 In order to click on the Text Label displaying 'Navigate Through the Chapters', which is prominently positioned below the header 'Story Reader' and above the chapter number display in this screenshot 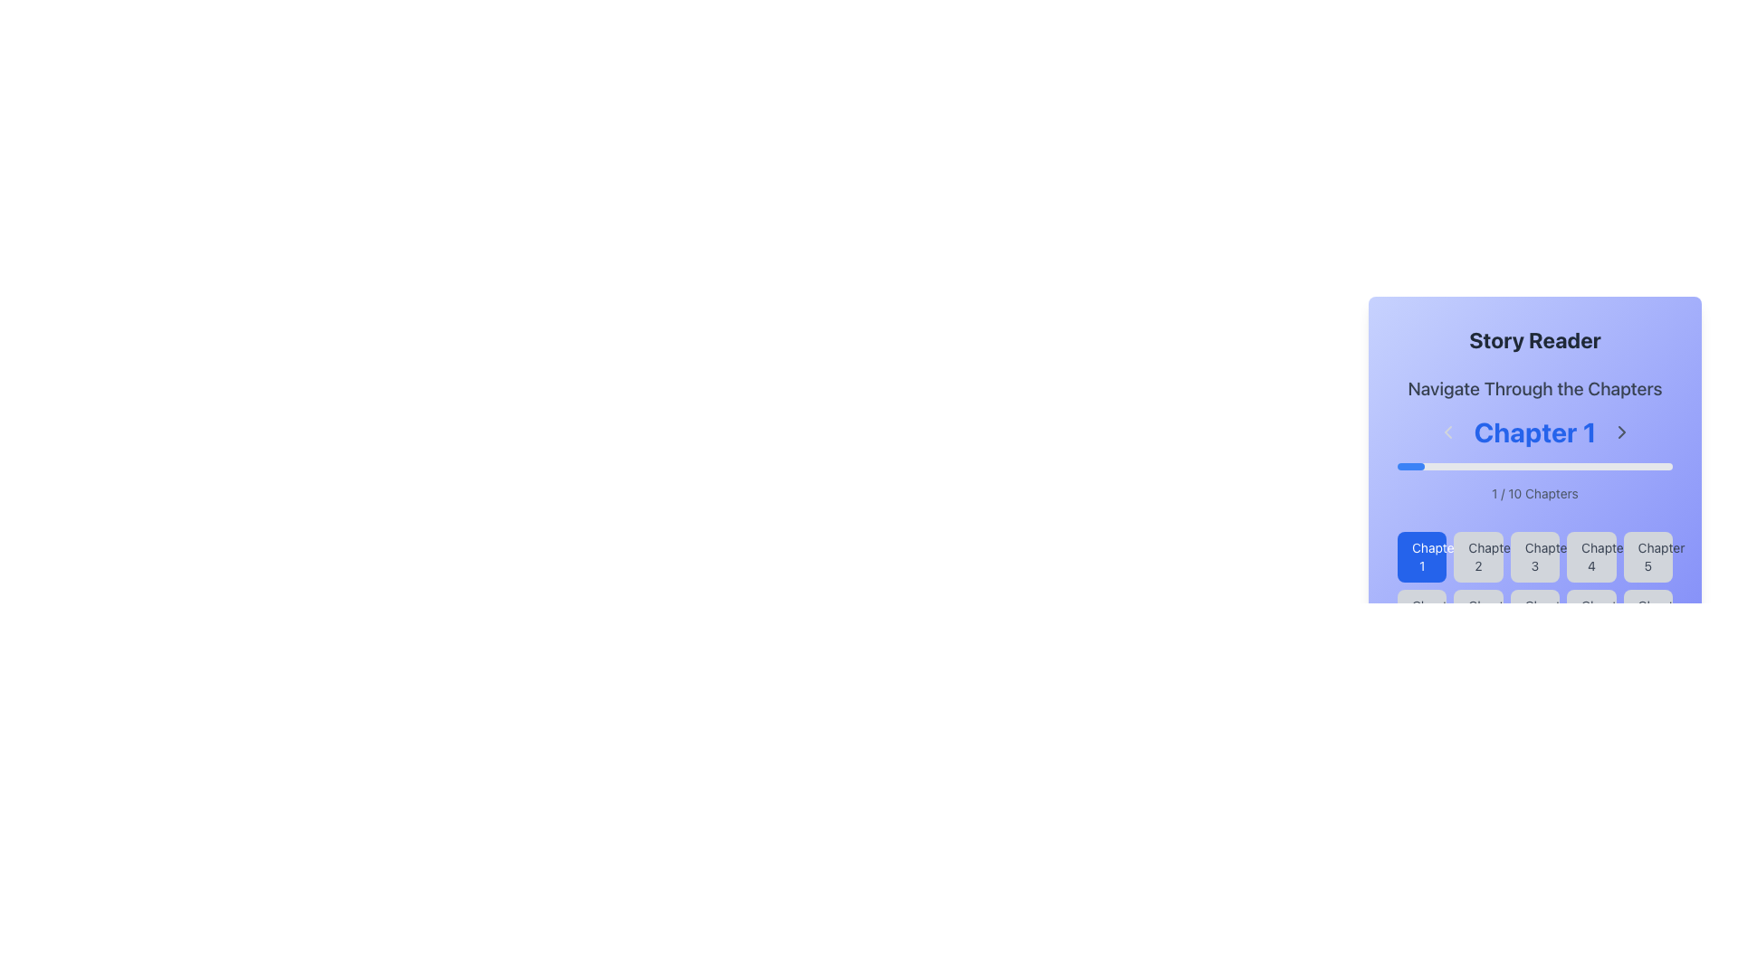, I will do `click(1533, 387)`.